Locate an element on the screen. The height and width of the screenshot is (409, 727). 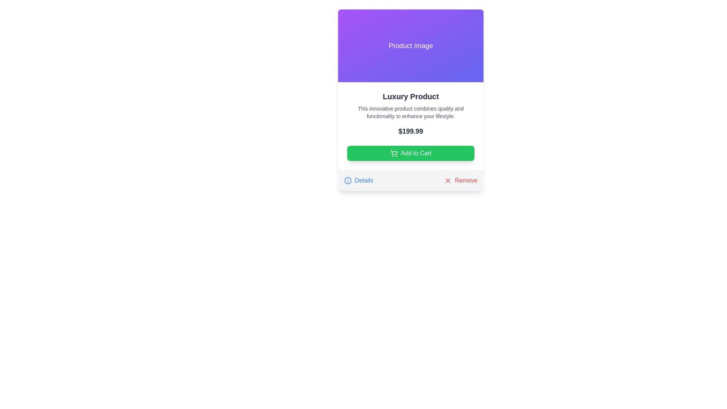
the Text Display element showing the product price "$199.99" which is located between the product description and the "Add to Cart" button is located at coordinates (410, 131).